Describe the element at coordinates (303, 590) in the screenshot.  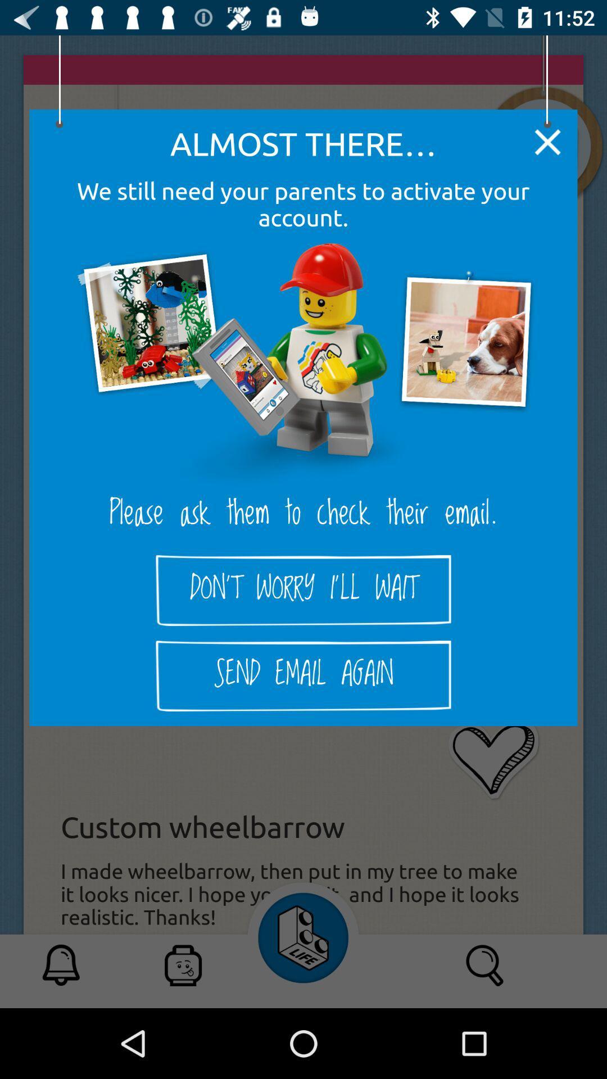
I see `don t worry icon` at that location.